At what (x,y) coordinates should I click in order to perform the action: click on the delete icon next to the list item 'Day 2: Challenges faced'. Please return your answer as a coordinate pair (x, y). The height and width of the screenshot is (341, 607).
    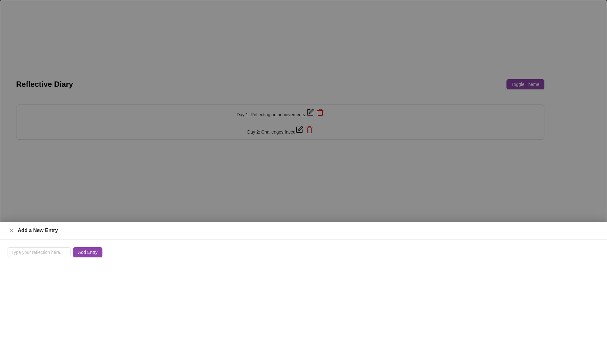
    Looking at the image, I should click on (280, 130).